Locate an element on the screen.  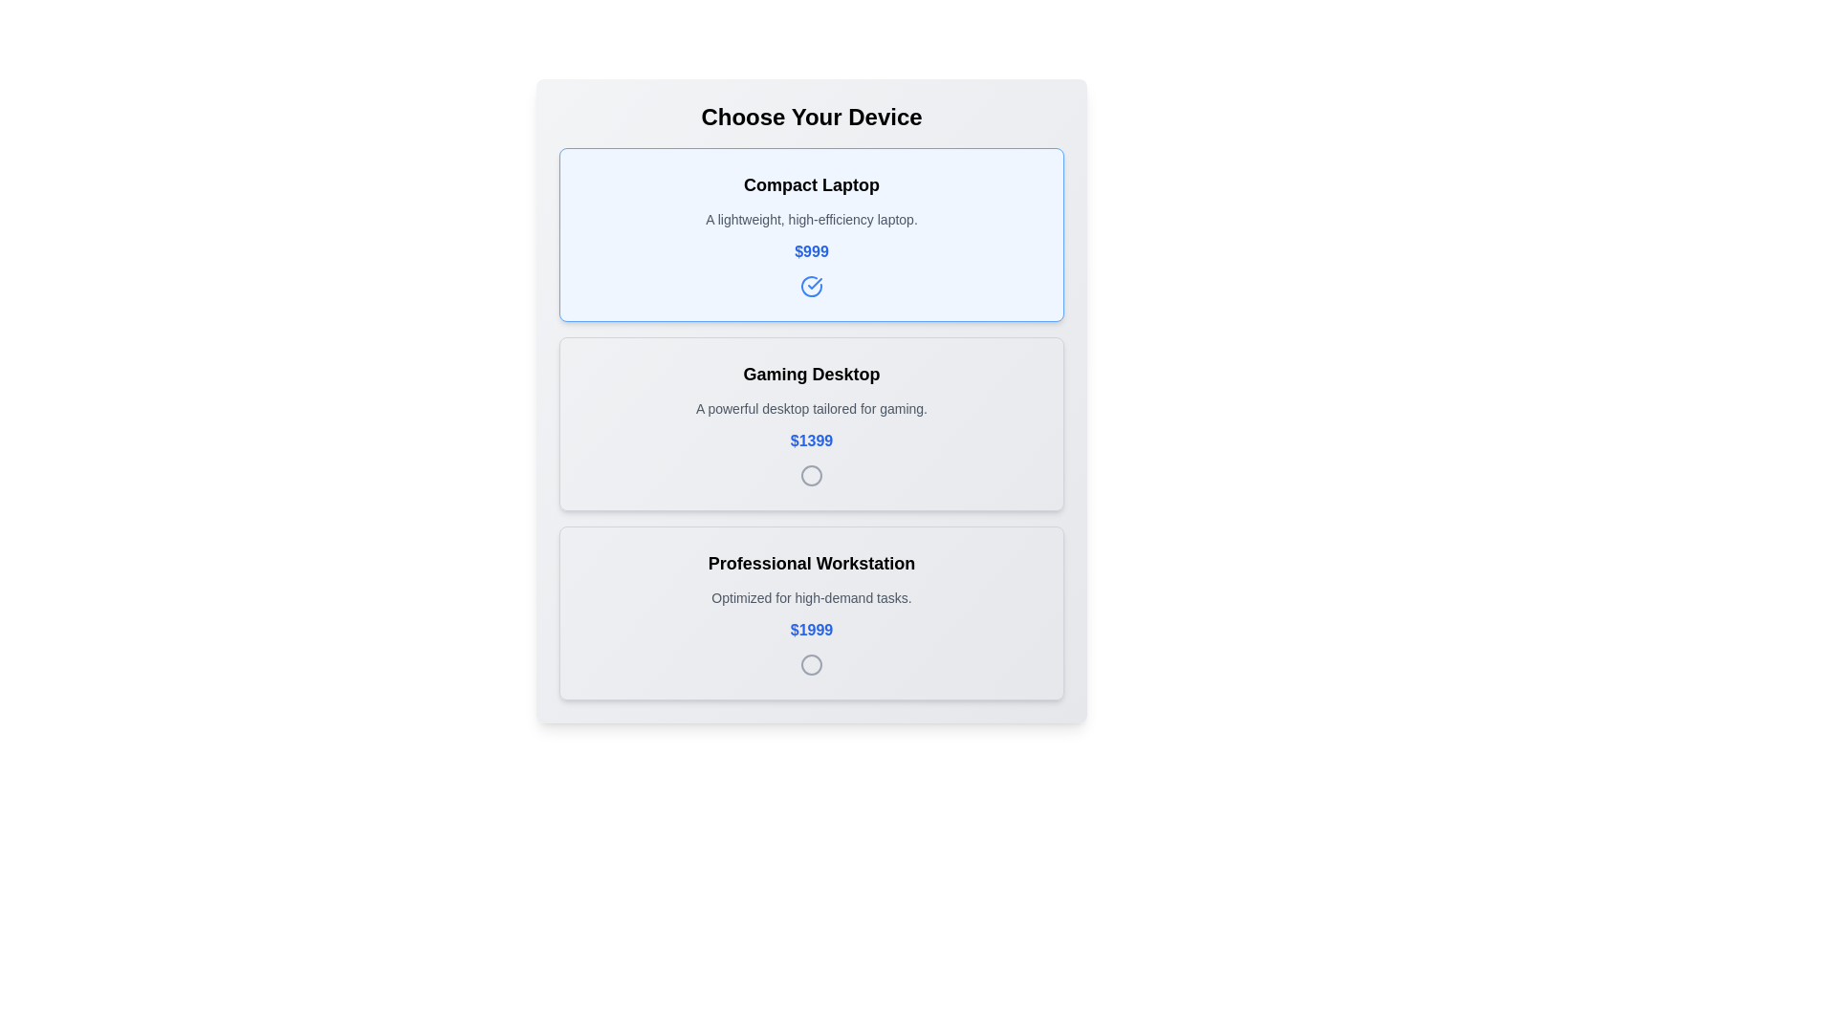
the 'Professional Workstation' card, which is the third card in a vertically stacked list is located at coordinates (812, 613).